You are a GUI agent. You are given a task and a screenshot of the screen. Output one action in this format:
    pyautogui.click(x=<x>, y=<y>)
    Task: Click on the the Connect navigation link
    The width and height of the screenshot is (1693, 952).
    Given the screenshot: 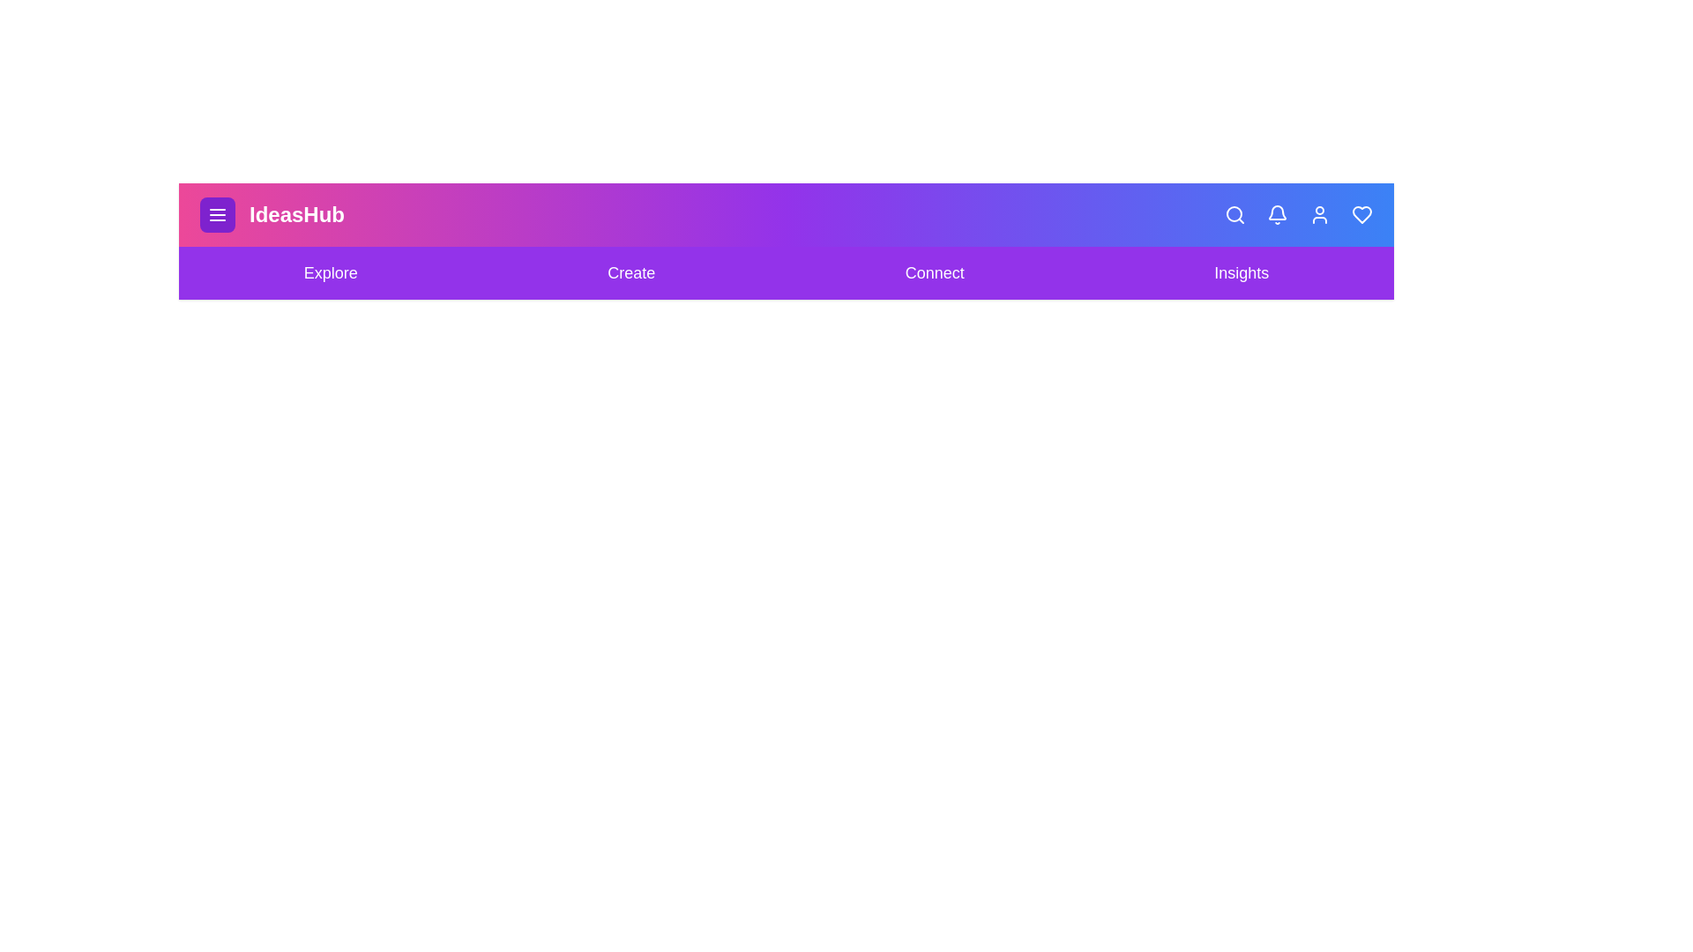 What is the action you would take?
    pyautogui.click(x=934, y=272)
    